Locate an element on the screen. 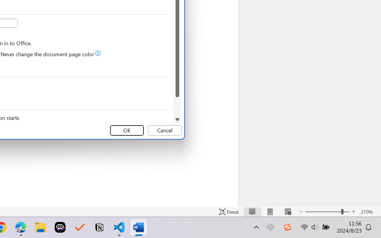  'Text Size' is located at coordinates (327, 212).